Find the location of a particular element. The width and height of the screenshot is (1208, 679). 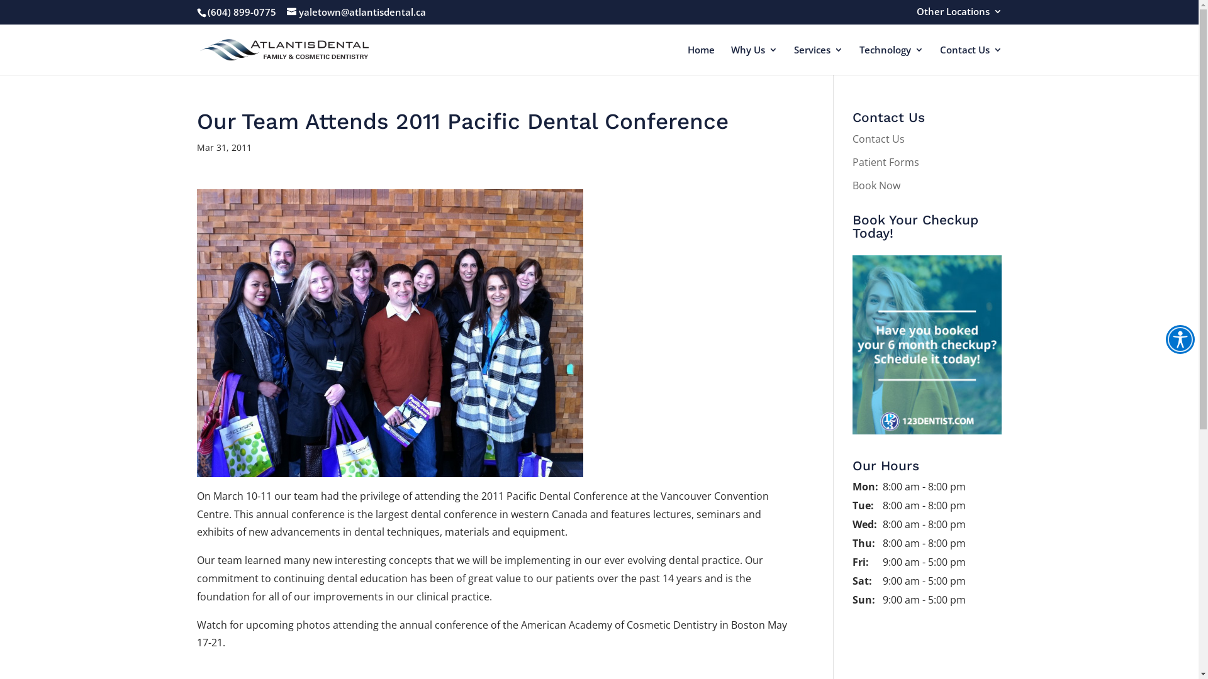

'Why Us' is located at coordinates (730, 60).